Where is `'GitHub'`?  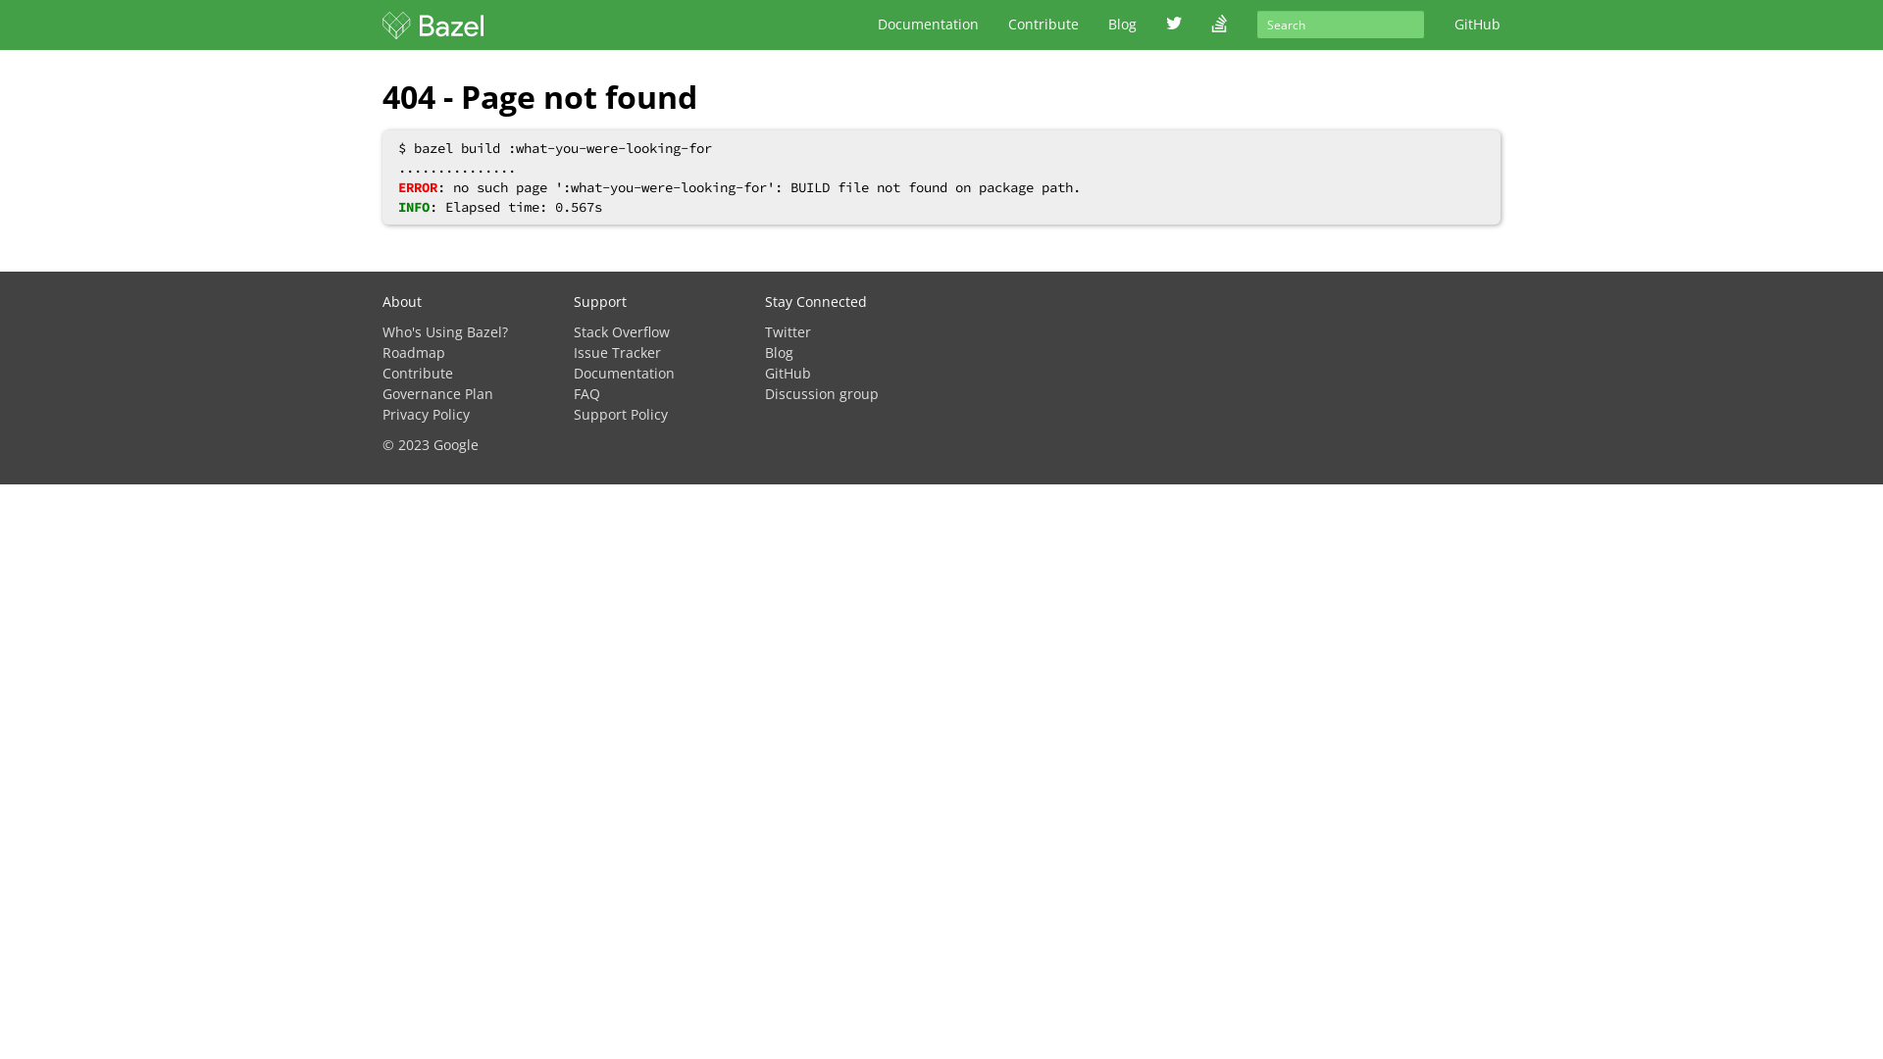
'GitHub' is located at coordinates (1477, 24).